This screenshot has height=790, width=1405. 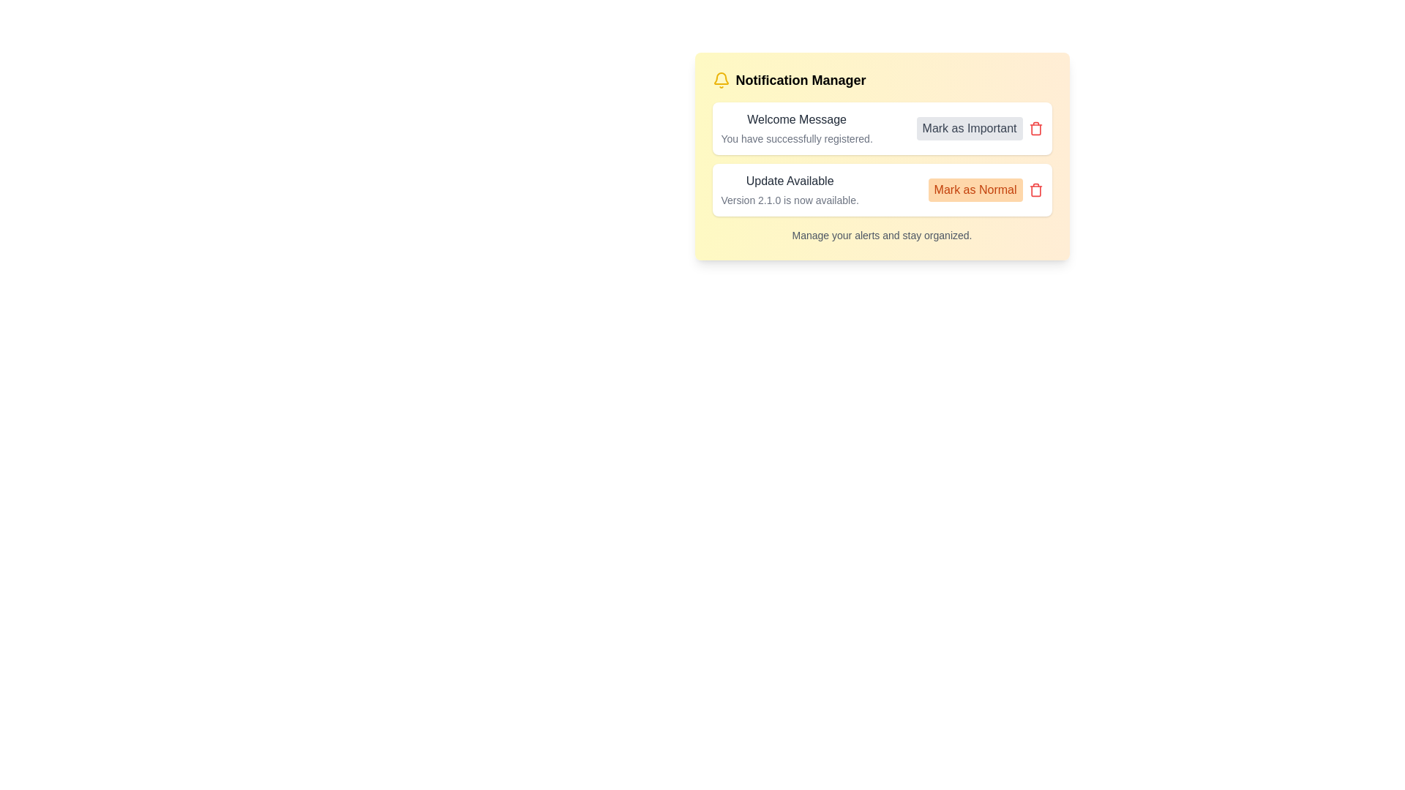 I want to click on the 'Mark as Normal' button located in the 'Update Available' row under the 'Notification Manager' heading, so click(x=975, y=189).